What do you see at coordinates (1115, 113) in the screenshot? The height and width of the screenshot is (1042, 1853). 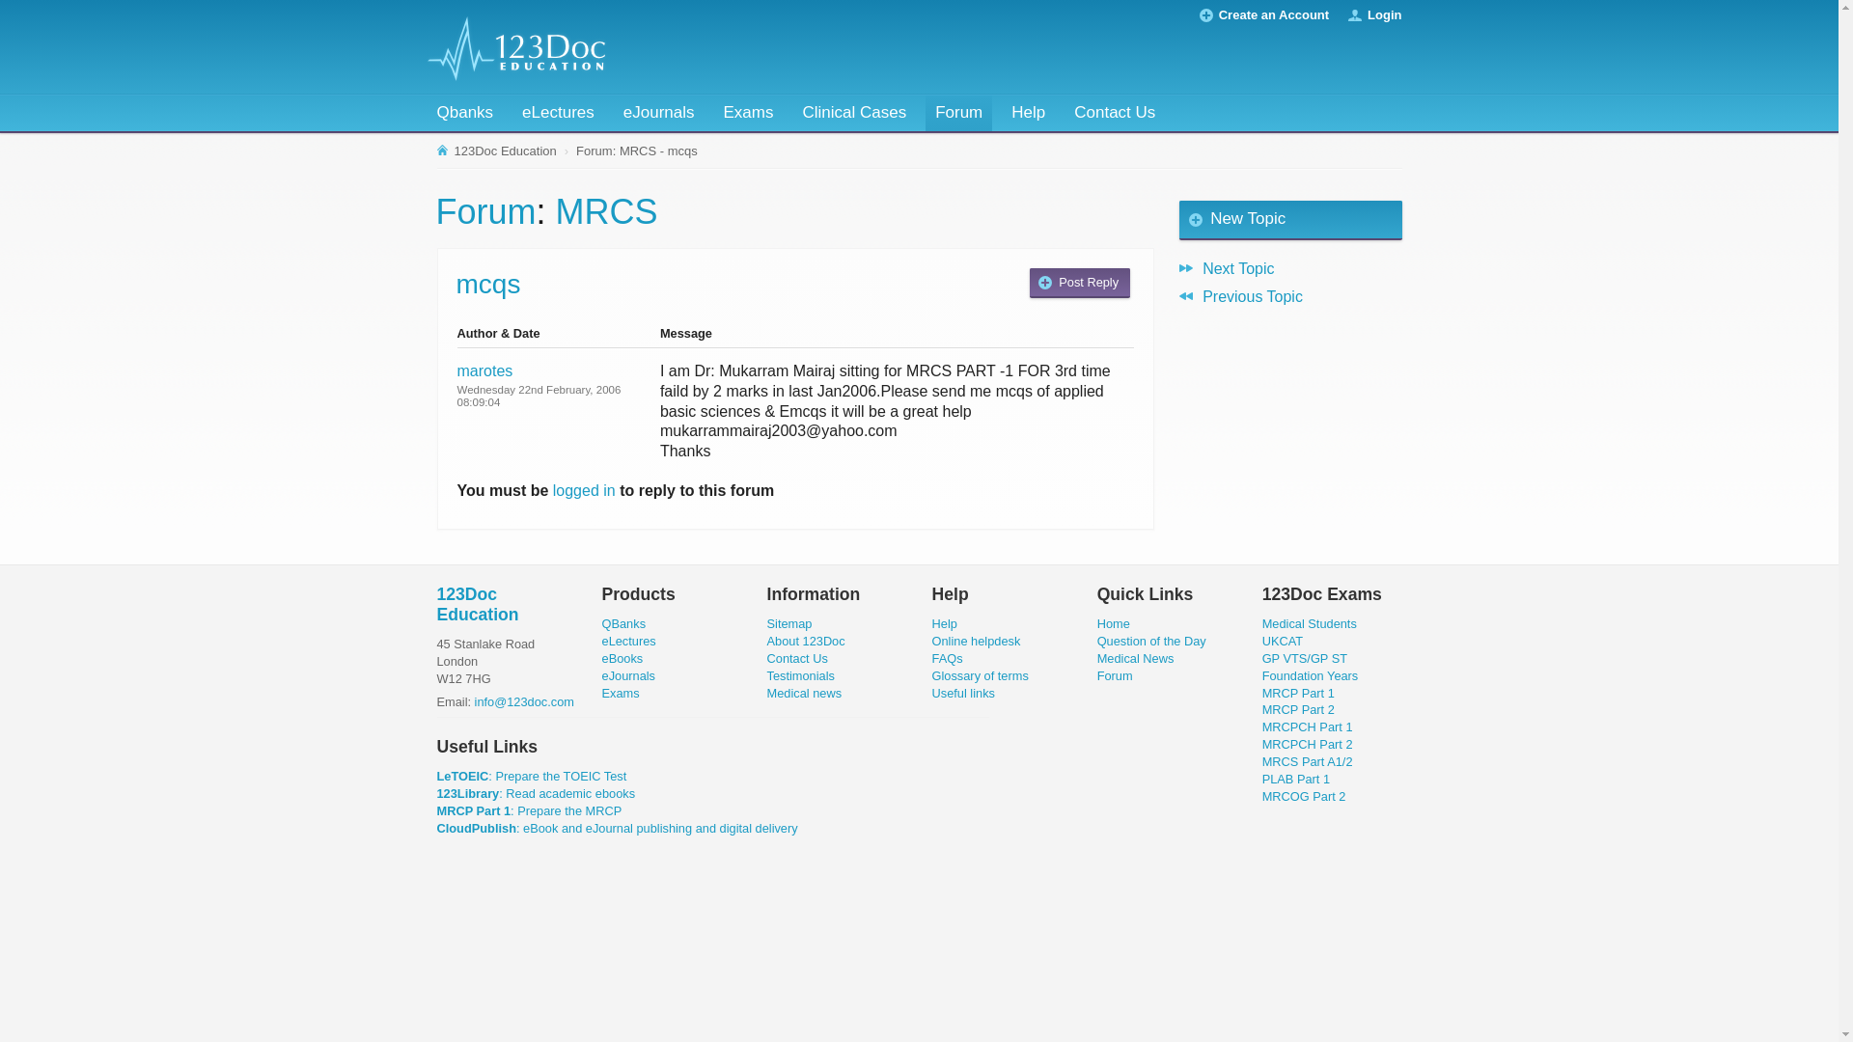 I see `'Contact Us'` at bounding box center [1115, 113].